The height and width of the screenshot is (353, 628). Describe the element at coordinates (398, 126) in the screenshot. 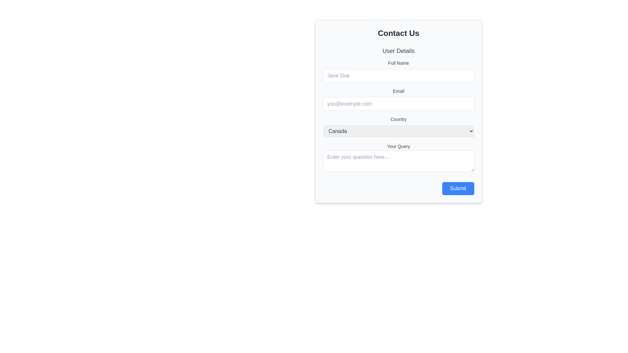

I see `the dropdown menu in the 'User Details' section` at that location.